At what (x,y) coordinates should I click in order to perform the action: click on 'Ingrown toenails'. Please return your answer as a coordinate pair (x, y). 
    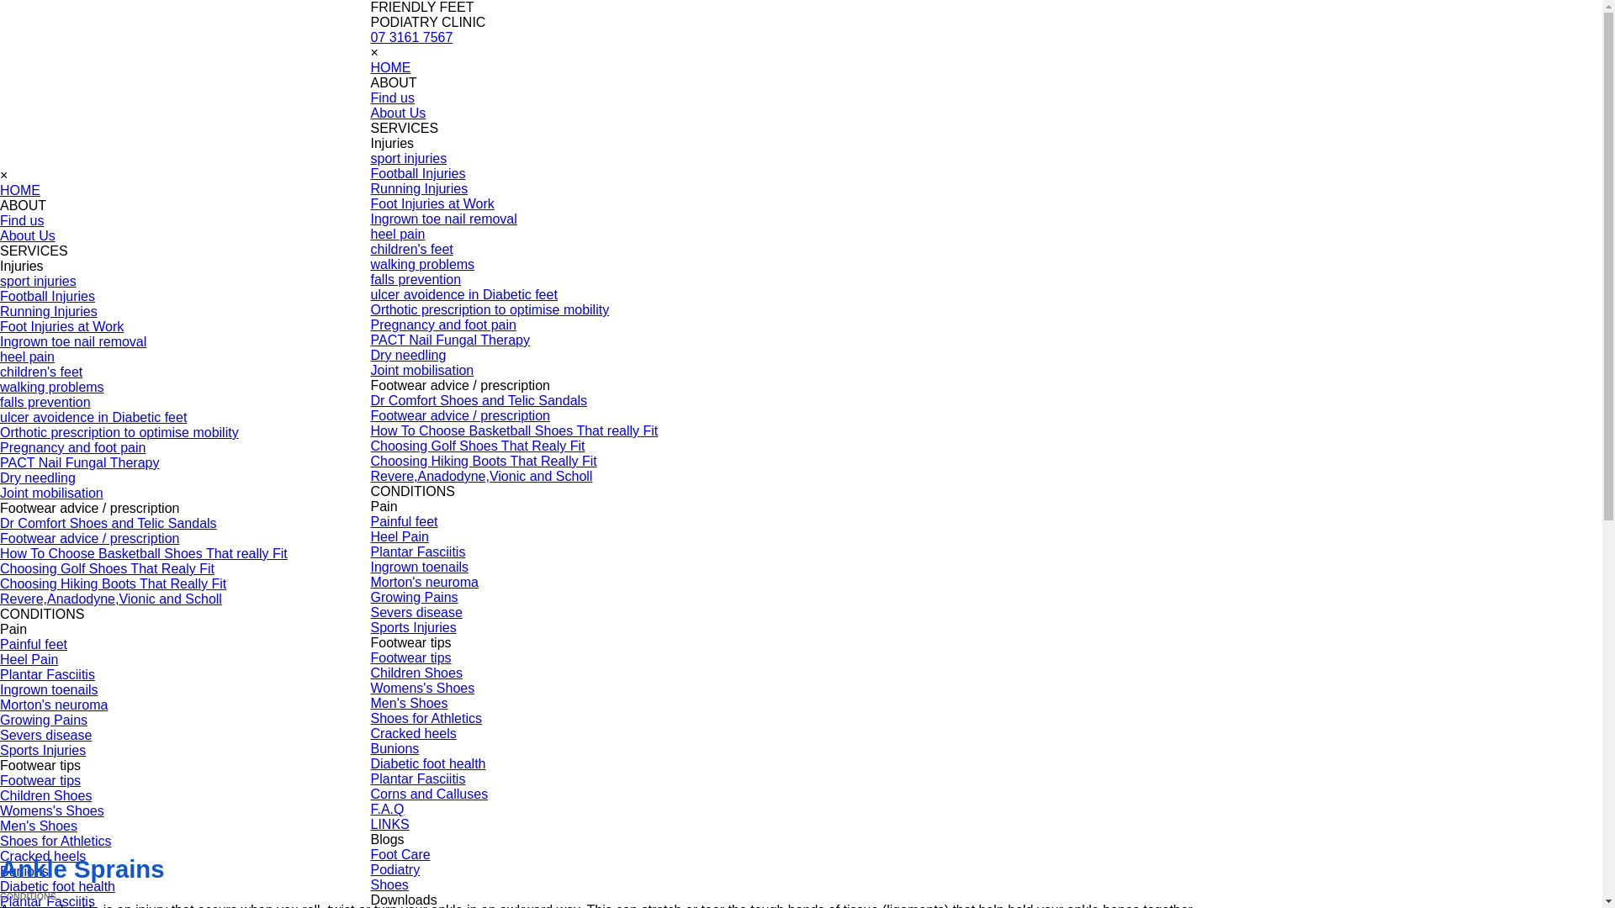
    Looking at the image, I should click on (49, 689).